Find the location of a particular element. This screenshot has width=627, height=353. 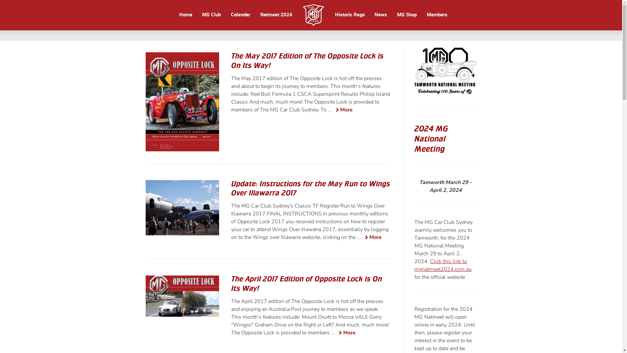

'Natmeet 2024' is located at coordinates (276, 14).